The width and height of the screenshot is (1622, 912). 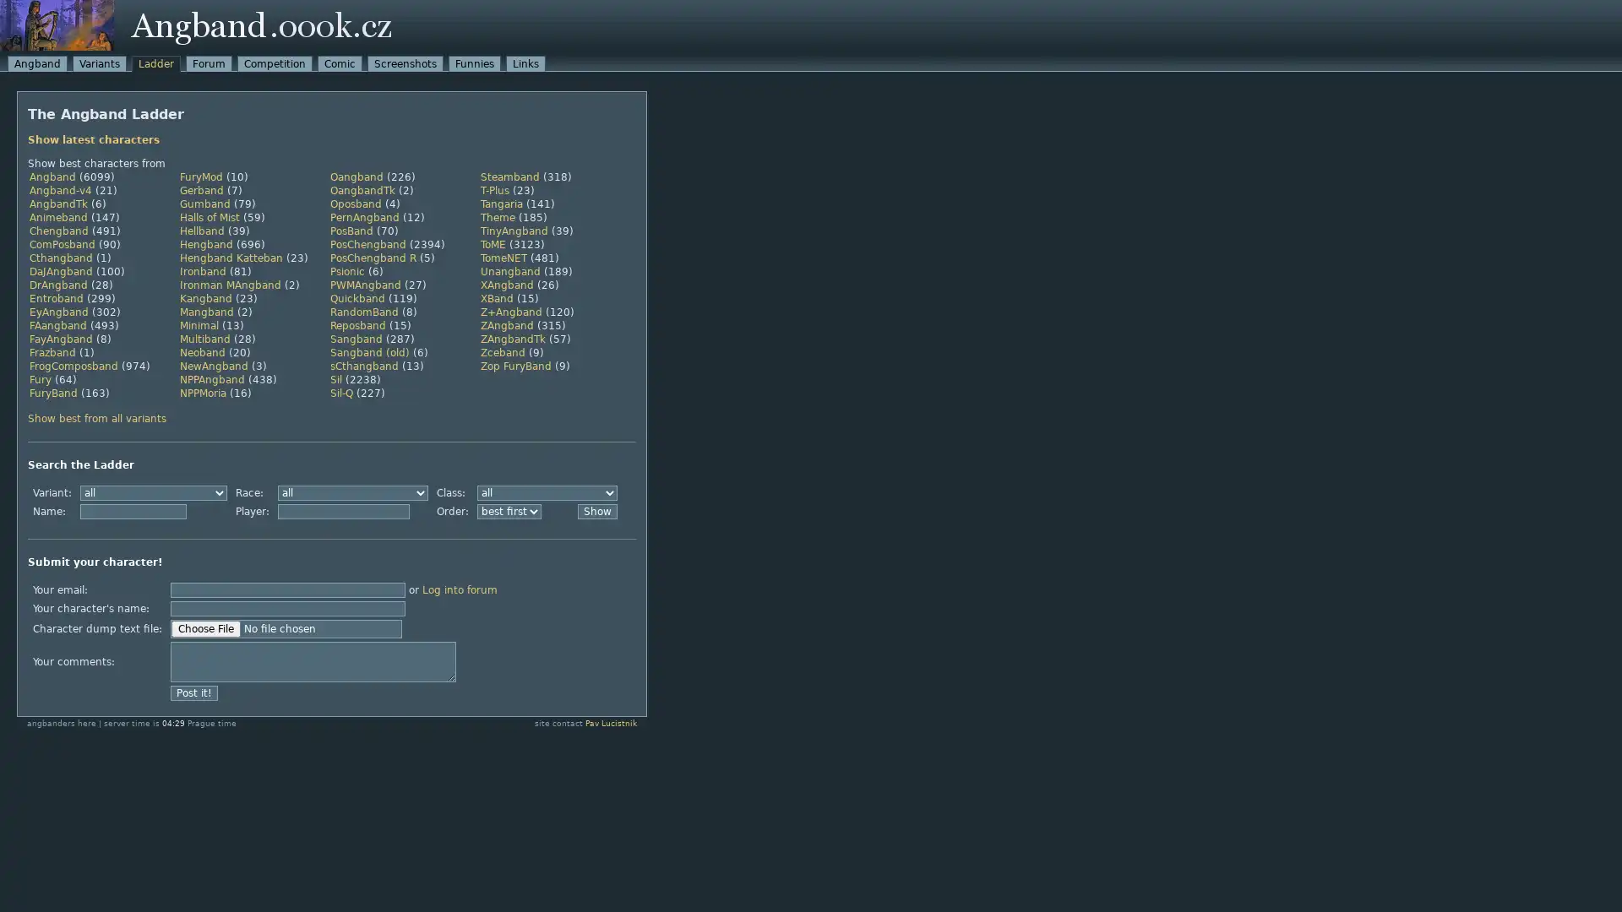 I want to click on Choose File, so click(x=205, y=628).